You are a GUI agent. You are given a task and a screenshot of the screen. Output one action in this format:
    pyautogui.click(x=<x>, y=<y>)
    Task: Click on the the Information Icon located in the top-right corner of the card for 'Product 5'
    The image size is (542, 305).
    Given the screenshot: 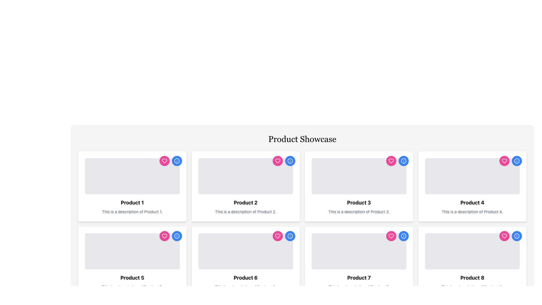 What is the action you would take?
    pyautogui.click(x=176, y=236)
    